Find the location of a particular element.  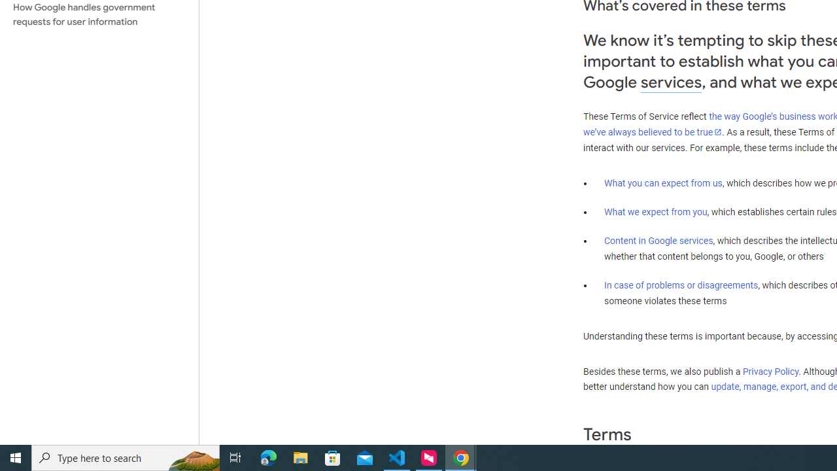

'What you can expect from us' is located at coordinates (663, 183).